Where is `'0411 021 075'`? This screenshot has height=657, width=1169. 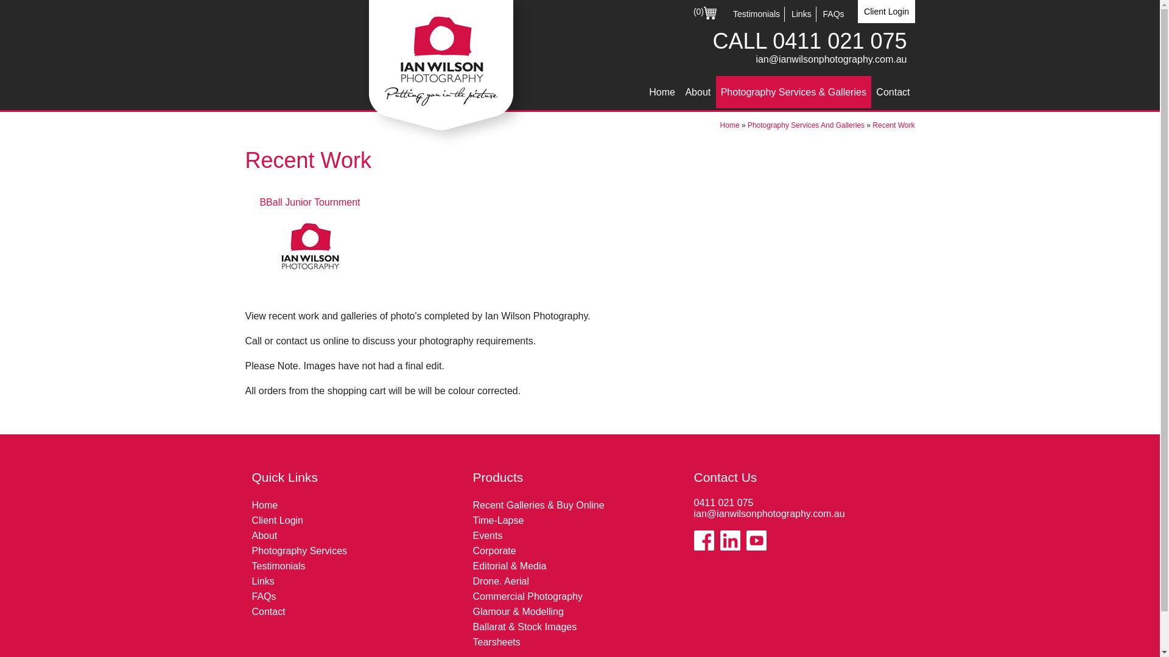
'0411 021 075' is located at coordinates (771, 40).